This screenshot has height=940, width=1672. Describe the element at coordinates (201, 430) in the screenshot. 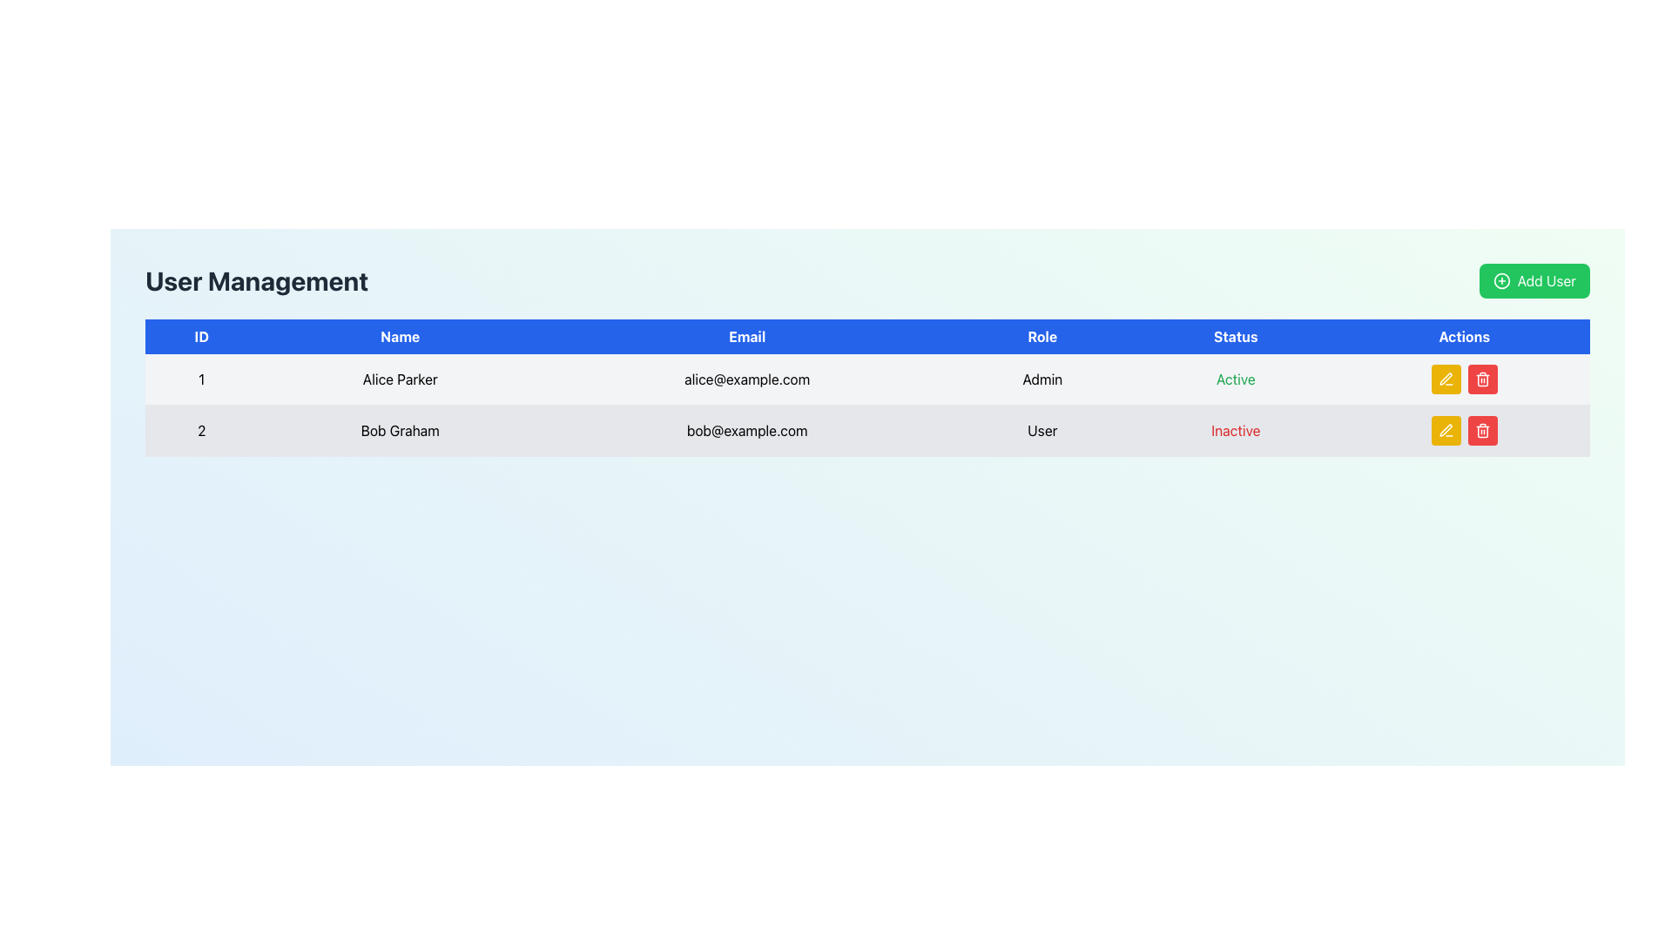

I see `the text displayed in the 'ID' text label for user 'Bob Graham' located in the second row of the 'User Management' table` at that location.